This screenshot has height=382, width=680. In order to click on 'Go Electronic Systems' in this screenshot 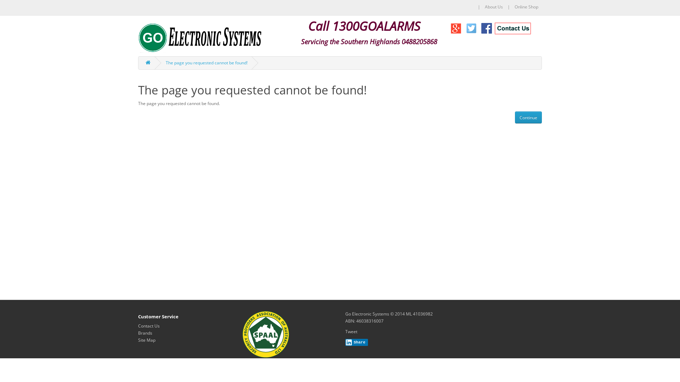, I will do `click(200, 37)`.